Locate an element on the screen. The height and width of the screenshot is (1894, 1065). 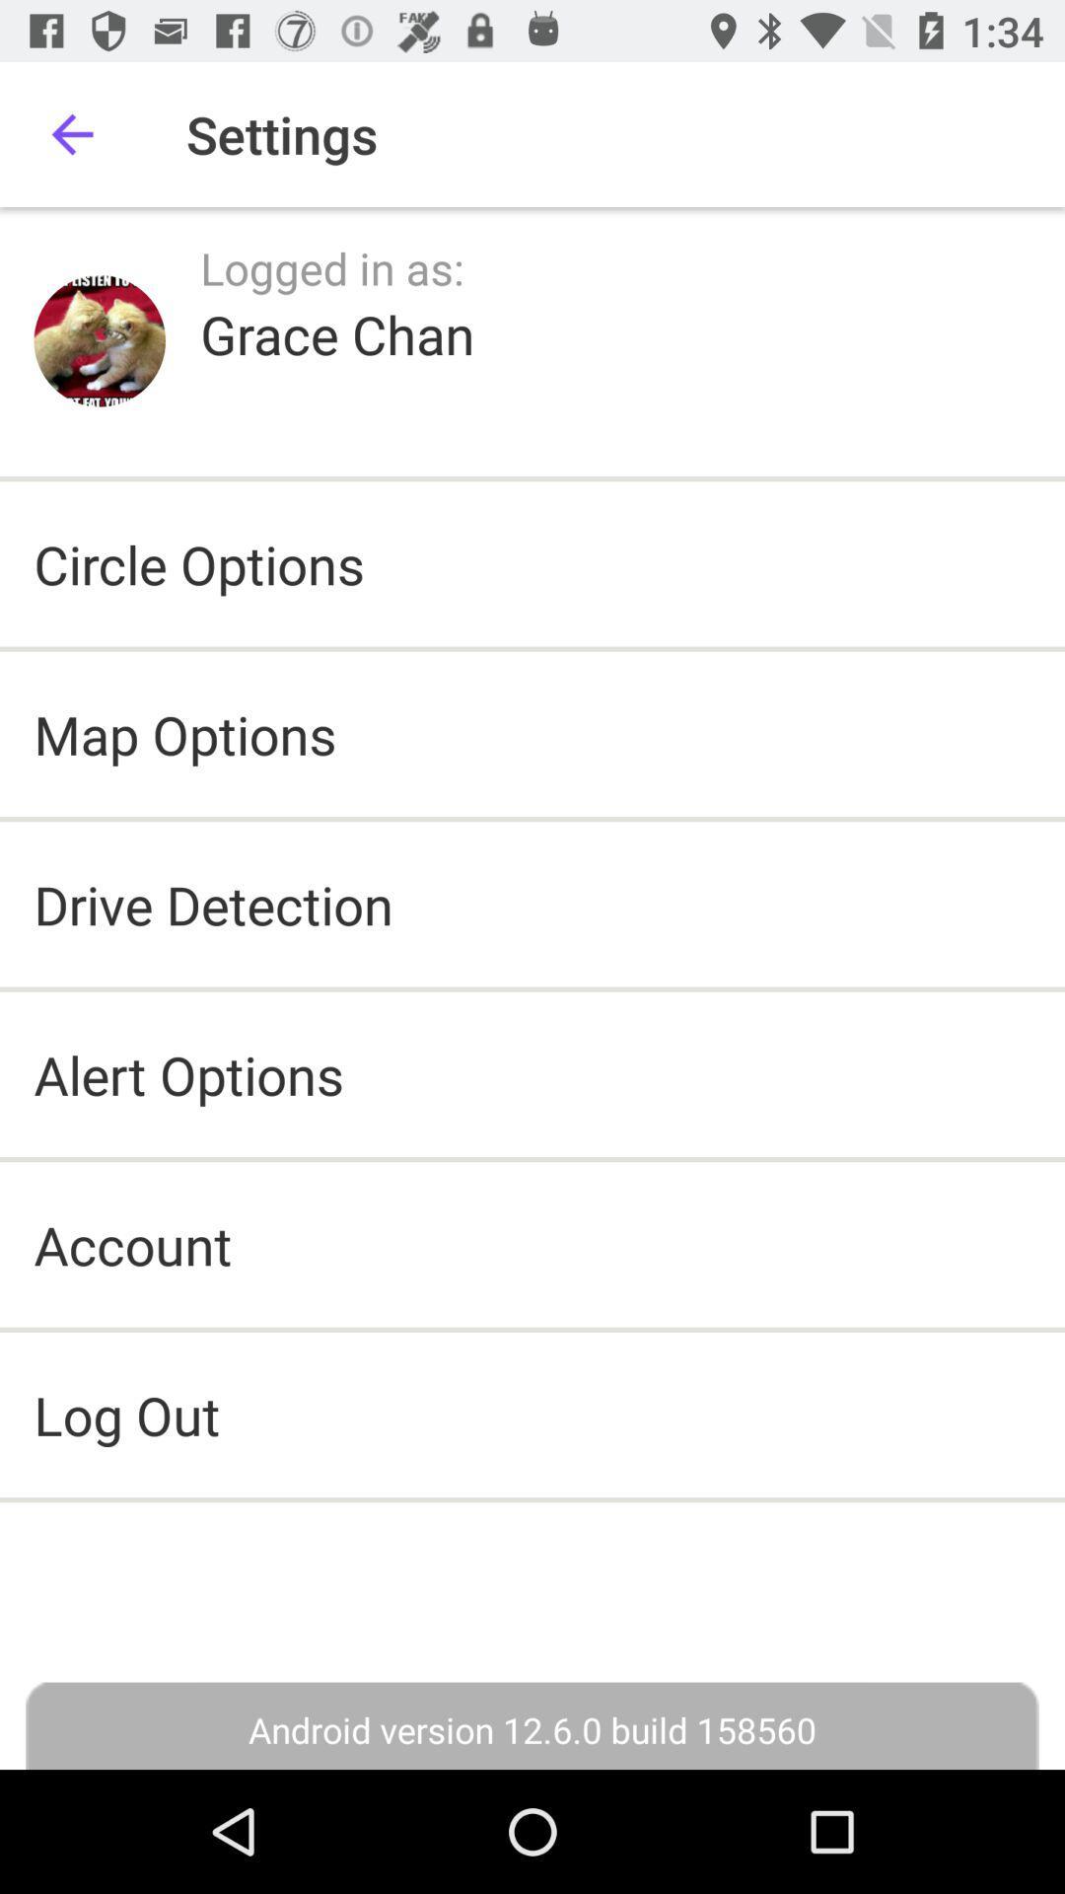
the grace chan icon is located at coordinates (336, 333).